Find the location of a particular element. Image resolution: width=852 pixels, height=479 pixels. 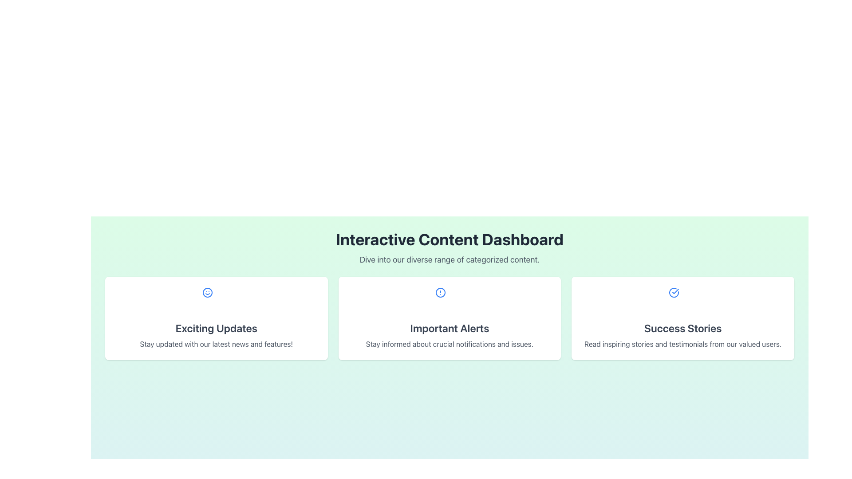

large, bold text label that says 'Interactive Content Dashboard', which is prominently displayed at the top of the content area against a light green background is located at coordinates (450, 239).